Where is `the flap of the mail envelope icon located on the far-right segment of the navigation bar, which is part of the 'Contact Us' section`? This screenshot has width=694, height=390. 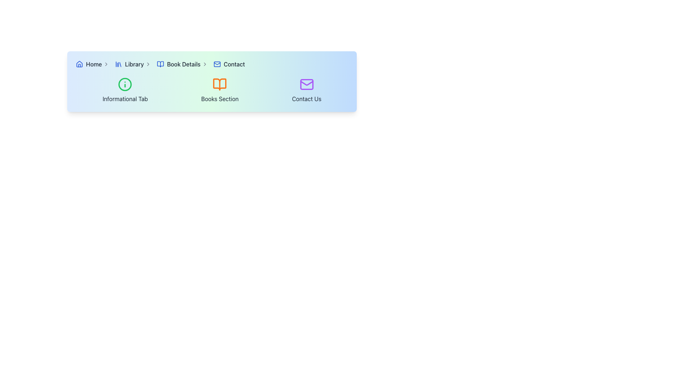 the flap of the mail envelope icon located on the far-right segment of the navigation bar, which is part of the 'Contact Us' section is located at coordinates (217, 63).